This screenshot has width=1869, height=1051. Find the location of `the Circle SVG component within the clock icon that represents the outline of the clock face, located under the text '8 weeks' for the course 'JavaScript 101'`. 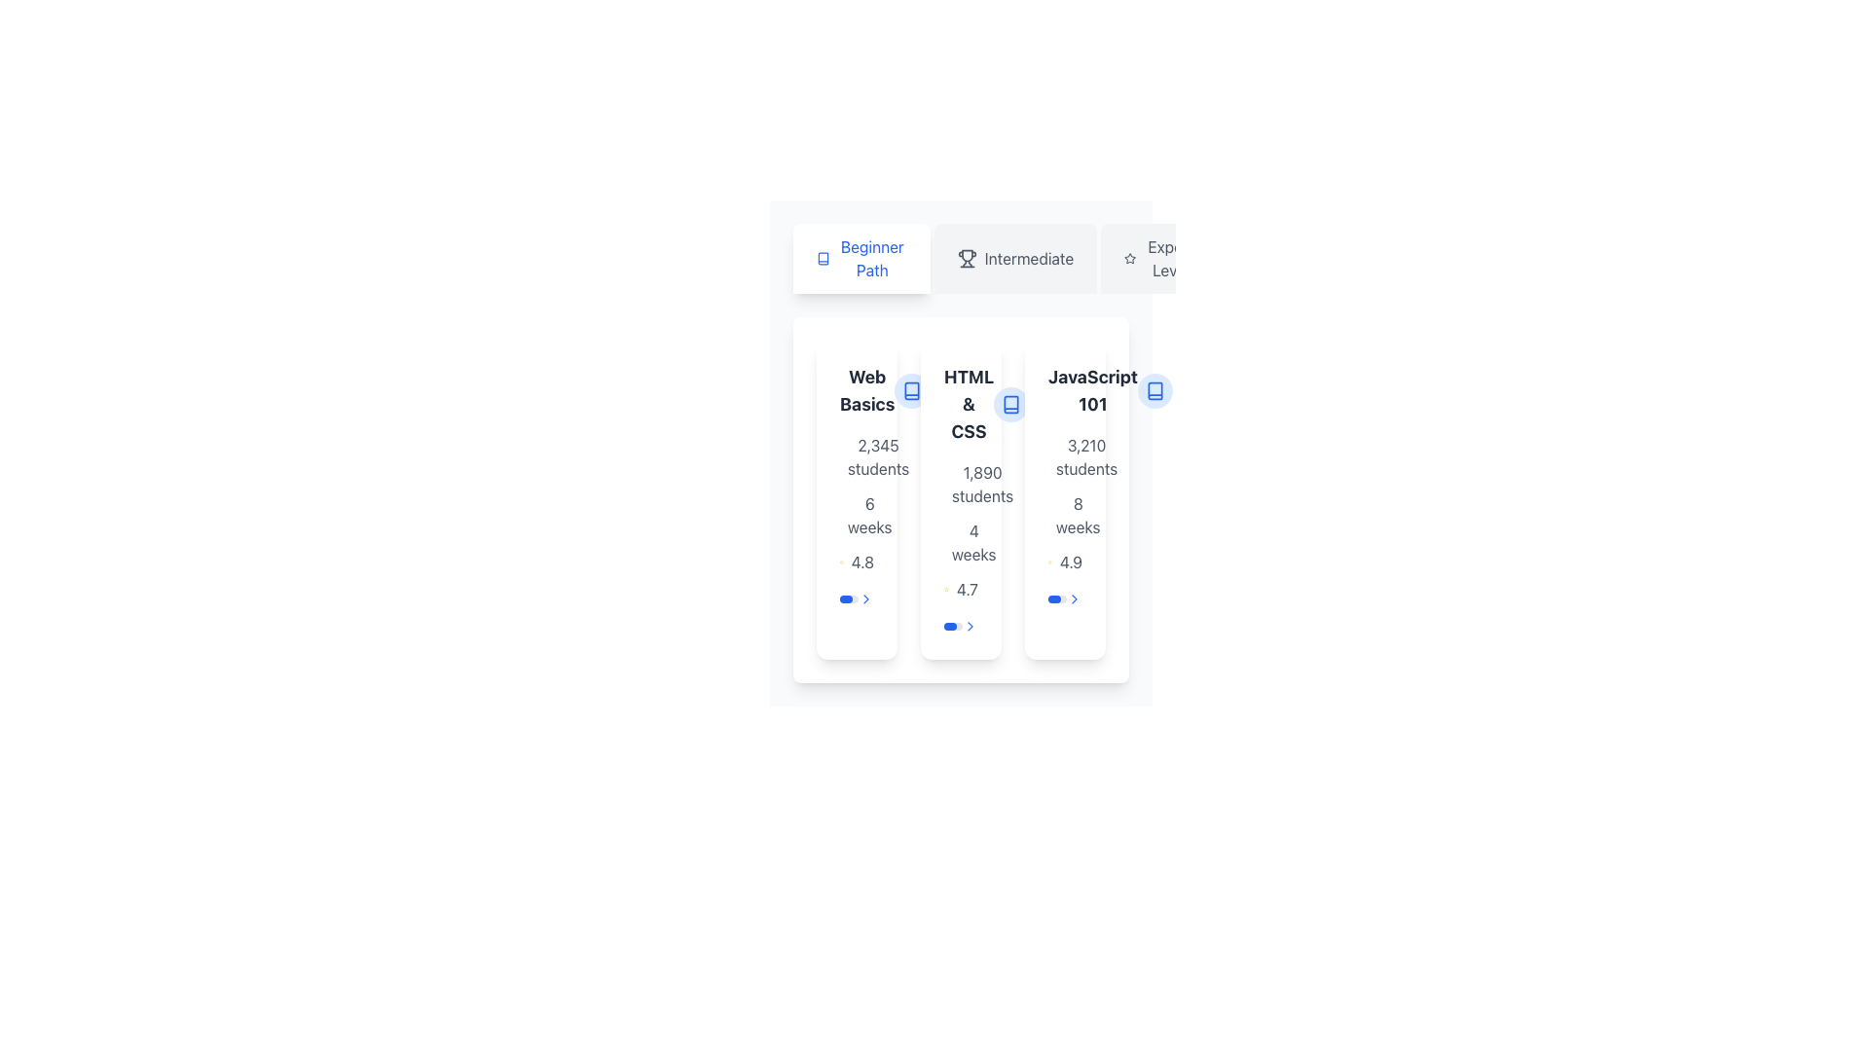

the Circle SVG component within the clock icon that represents the outline of the clock face, located under the text '8 weeks' for the course 'JavaScript 101' is located at coordinates (1059, 518).